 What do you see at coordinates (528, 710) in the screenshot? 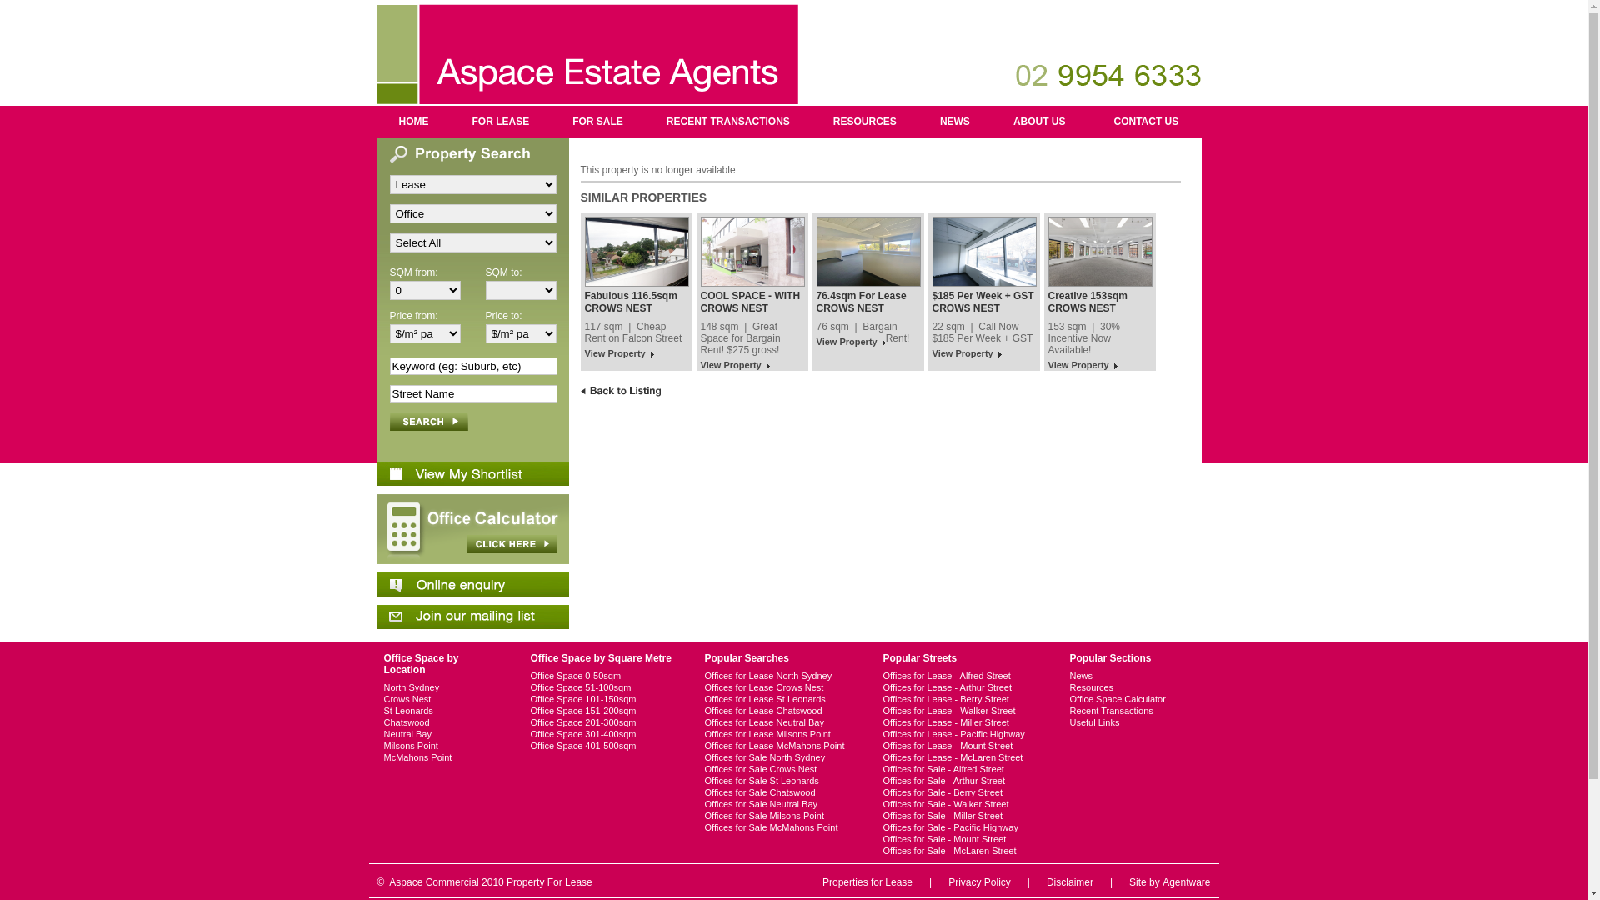
I see `'Office Space 151-200sqm'` at bounding box center [528, 710].